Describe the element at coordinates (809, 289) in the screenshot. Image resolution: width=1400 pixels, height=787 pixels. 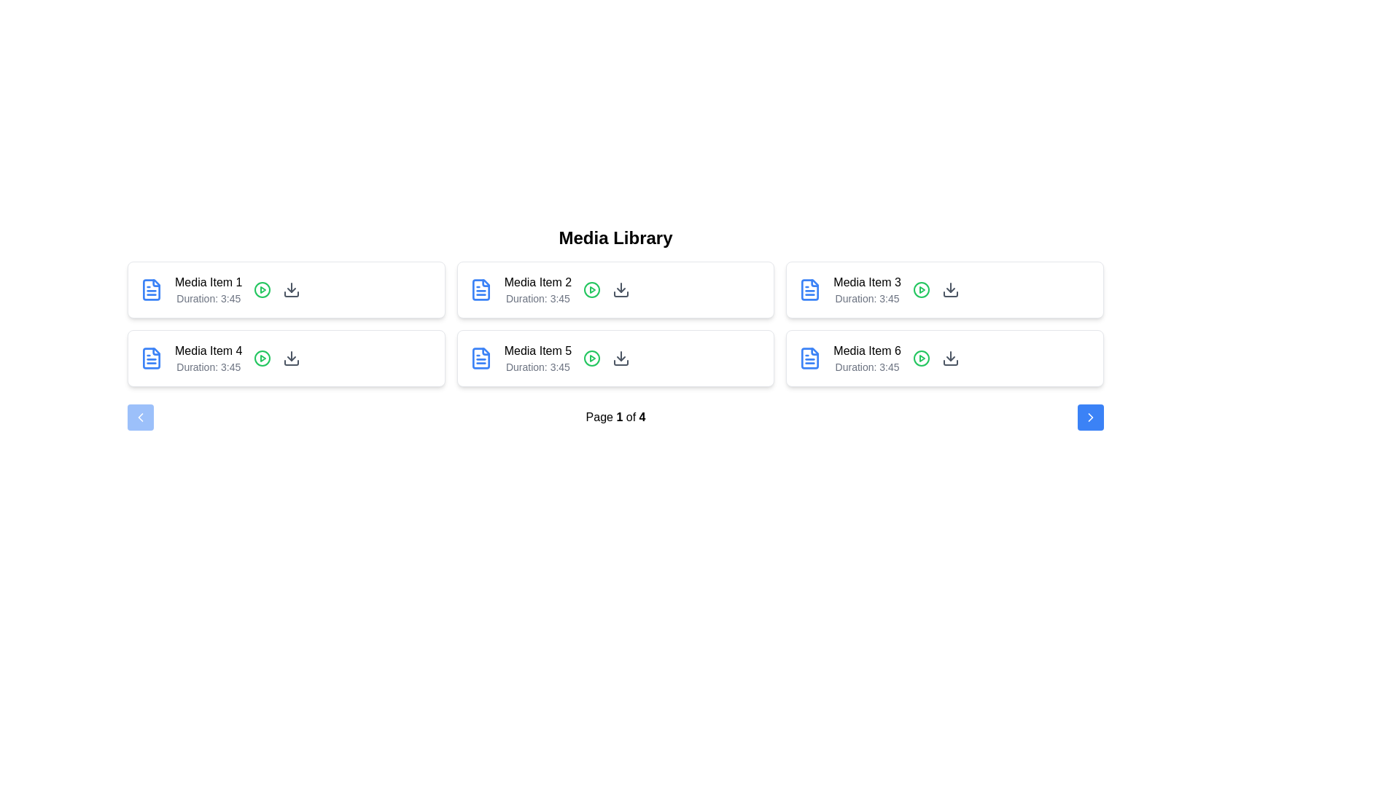
I see `the blue file icon for 'Media Item 2', which is the leftmost icon in its group within the media library interface` at that location.